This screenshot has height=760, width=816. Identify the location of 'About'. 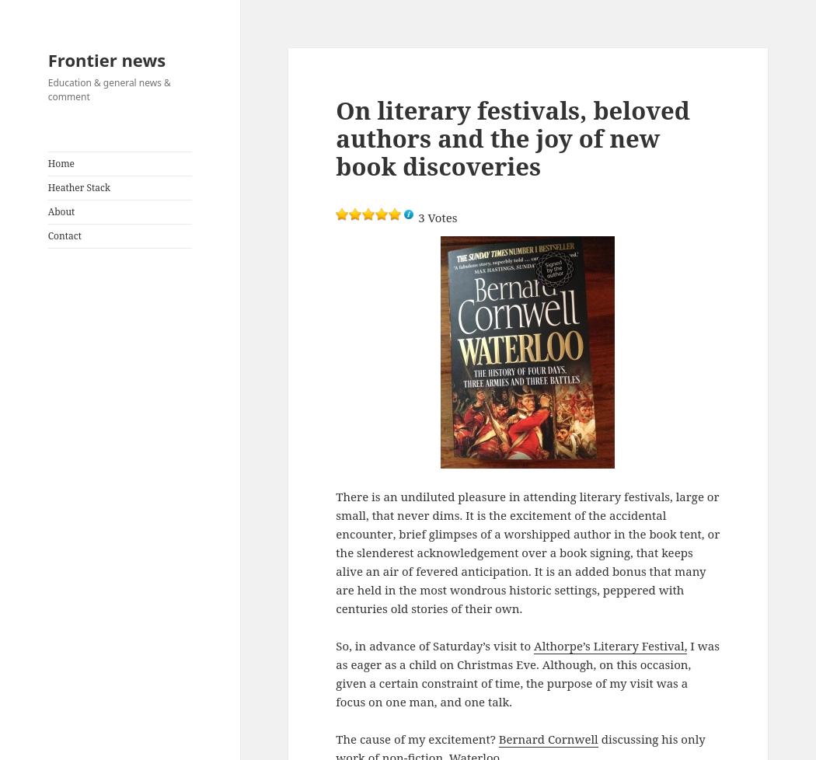
(61, 211).